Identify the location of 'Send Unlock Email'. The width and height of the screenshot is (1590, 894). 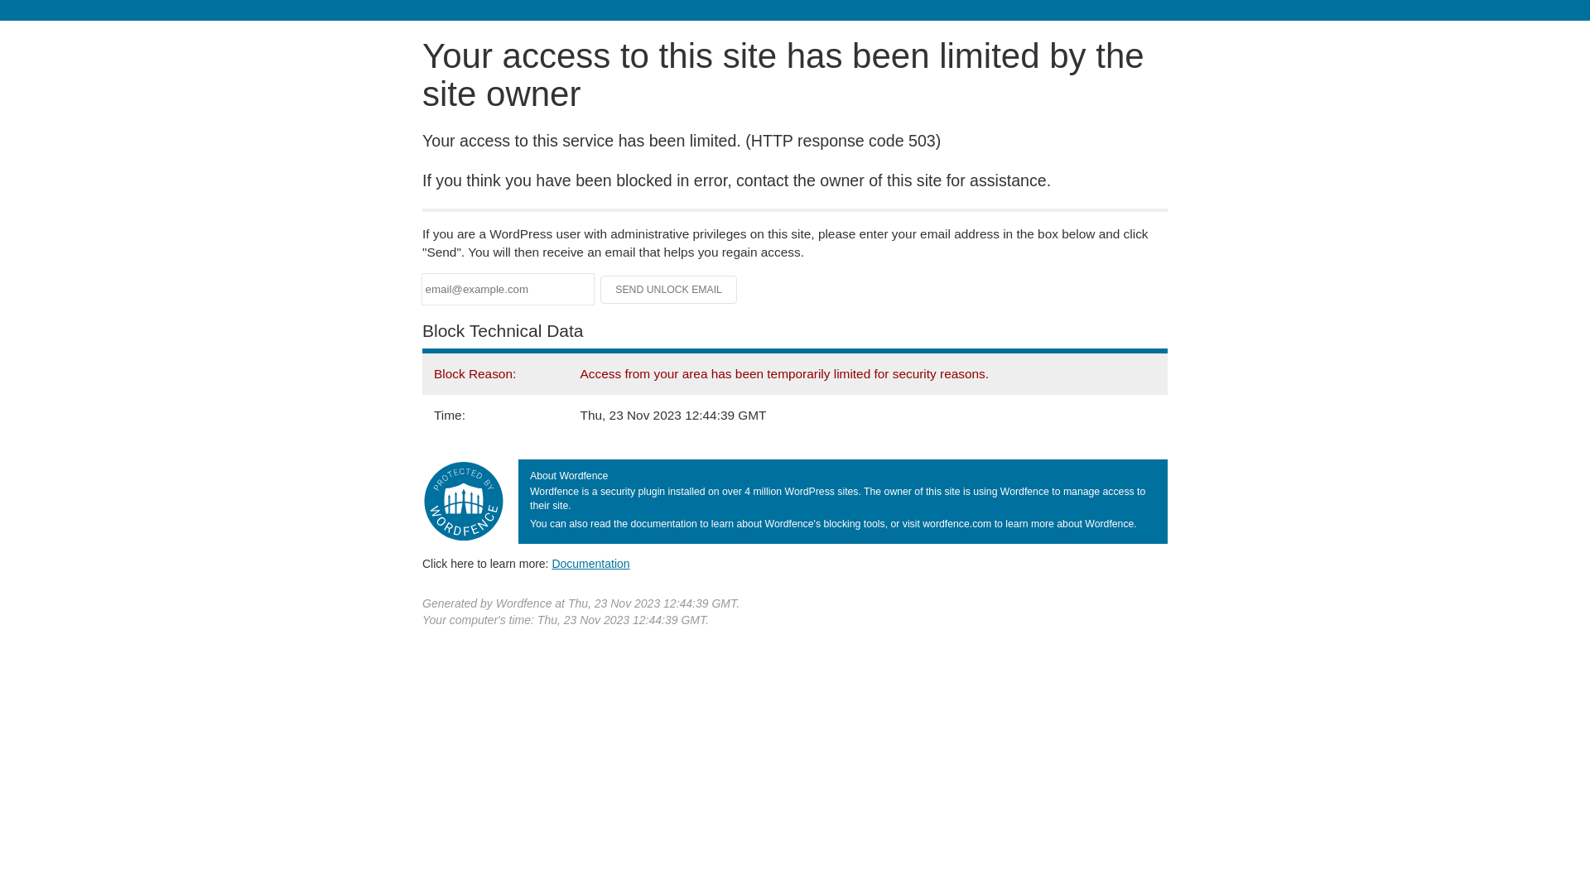
(668, 289).